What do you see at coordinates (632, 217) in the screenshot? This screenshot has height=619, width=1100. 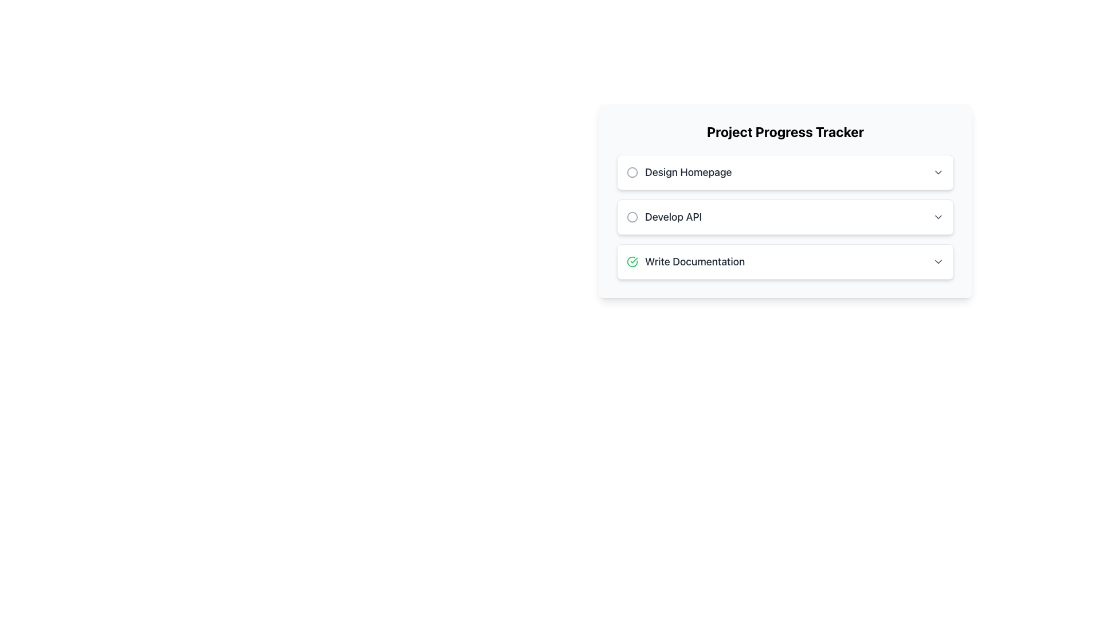 I see `the Circle icon representing the status of the 'Develop API' task in the Project Progress Tracker list` at bounding box center [632, 217].